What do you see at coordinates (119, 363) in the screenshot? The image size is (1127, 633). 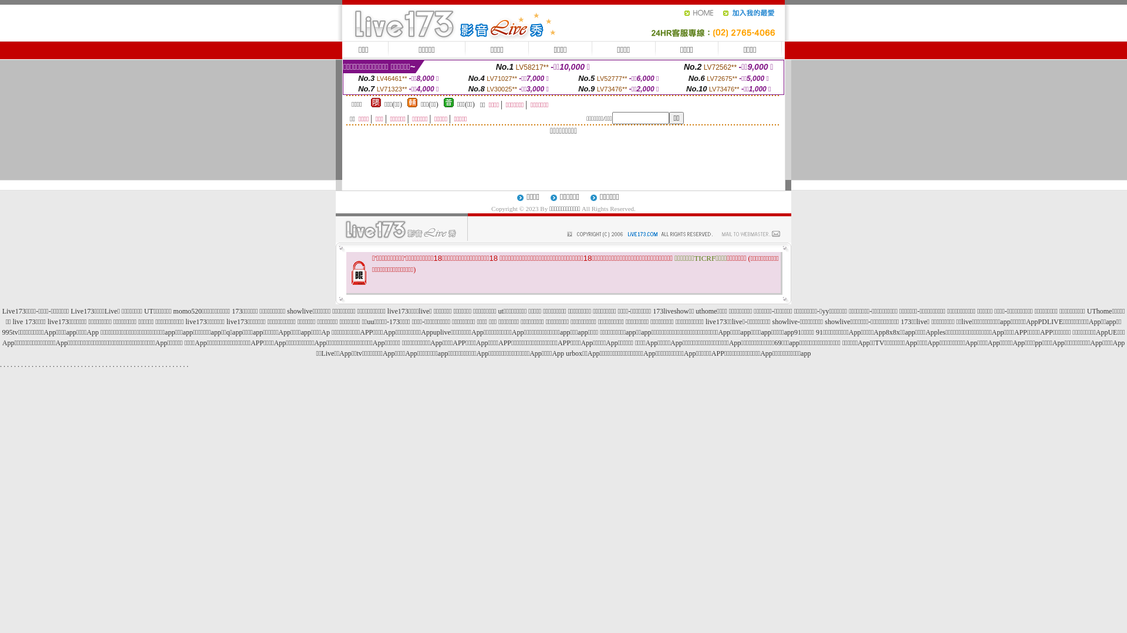 I see `'.'` at bounding box center [119, 363].